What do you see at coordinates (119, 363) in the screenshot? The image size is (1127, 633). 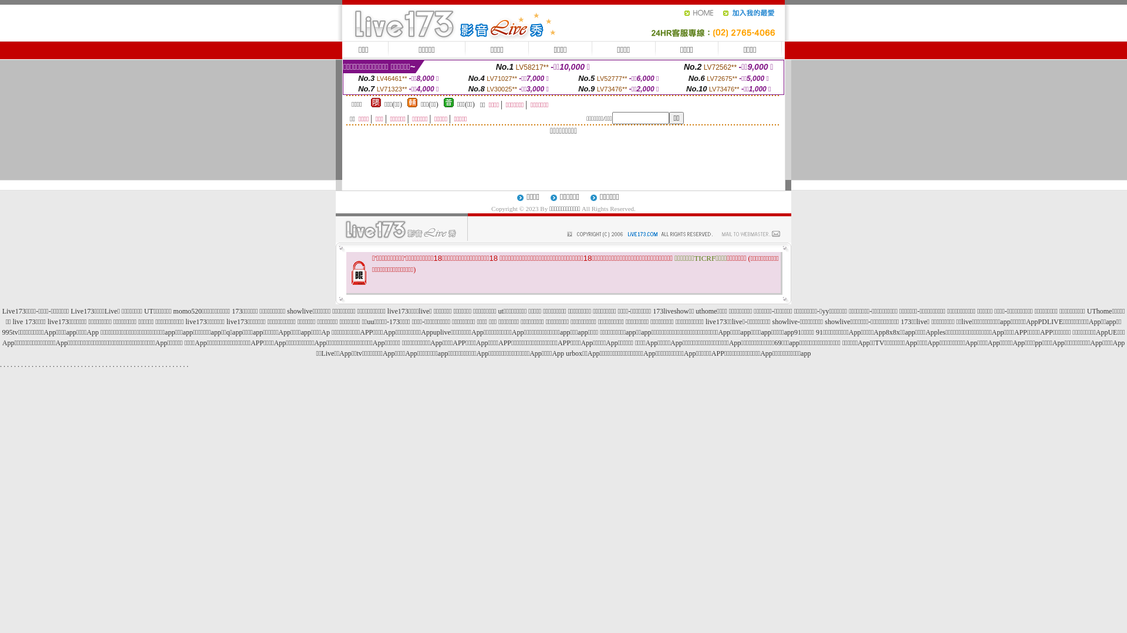 I see `'.'` at bounding box center [119, 363].